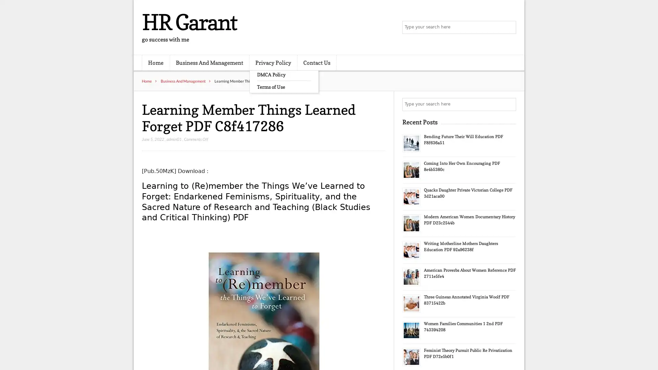 The width and height of the screenshot is (658, 370). What do you see at coordinates (509, 104) in the screenshot?
I see `Search` at bounding box center [509, 104].